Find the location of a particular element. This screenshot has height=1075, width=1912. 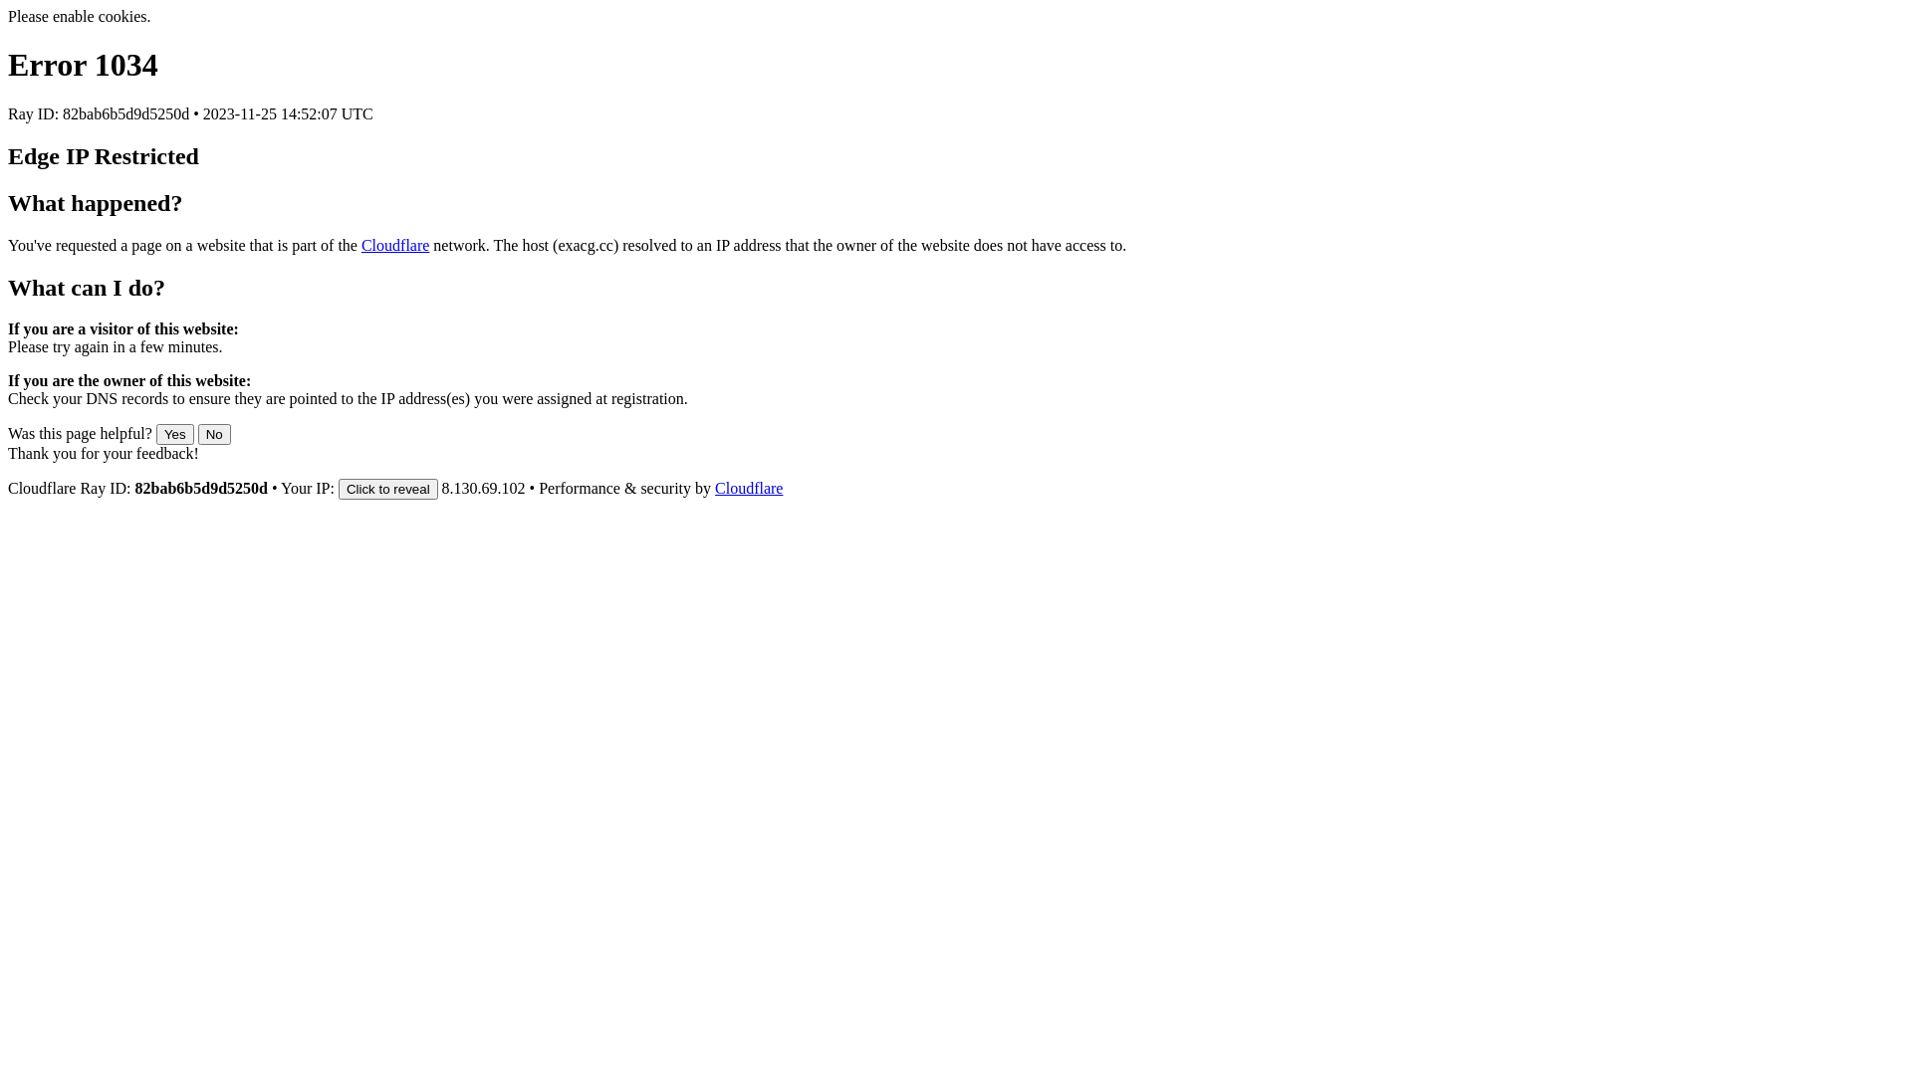

'Cloudflare' is located at coordinates (395, 244).